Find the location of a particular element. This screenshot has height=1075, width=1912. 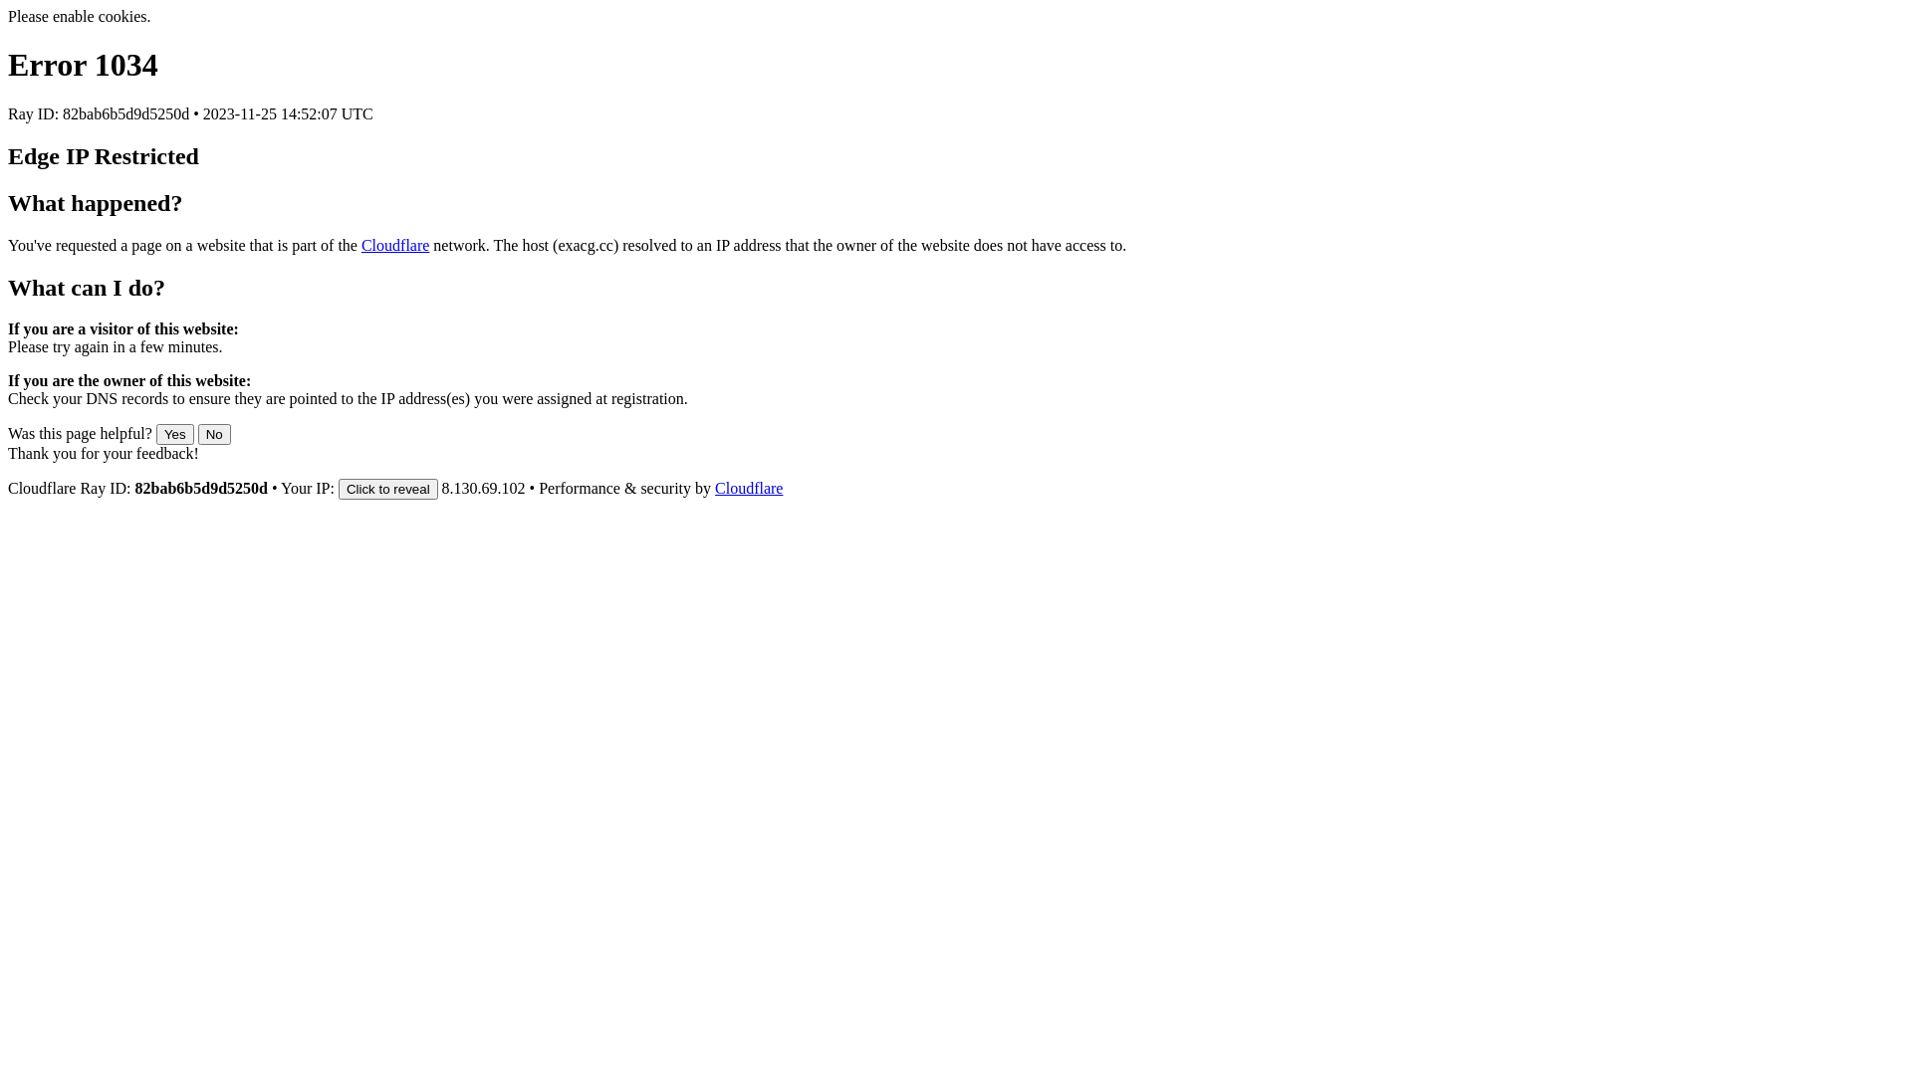

'Cloudflare' is located at coordinates (395, 244).